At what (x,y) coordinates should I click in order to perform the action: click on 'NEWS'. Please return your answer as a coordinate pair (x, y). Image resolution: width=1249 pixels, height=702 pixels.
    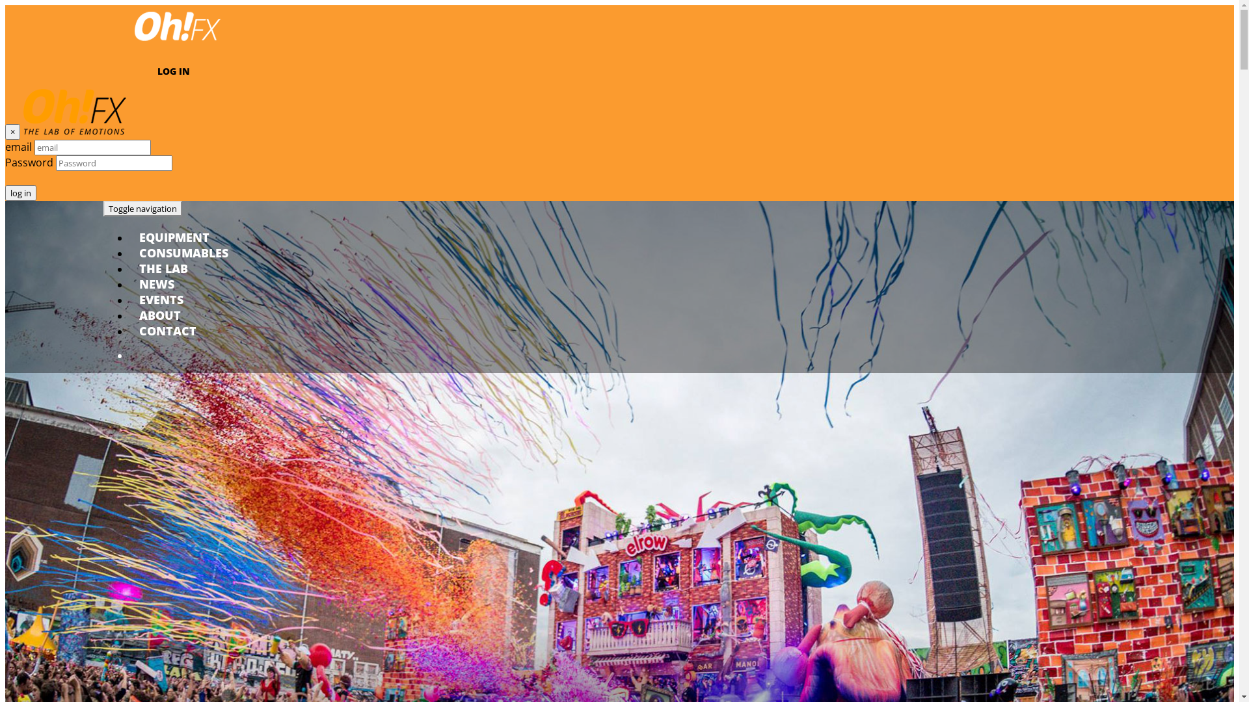
    Looking at the image, I should click on (156, 283).